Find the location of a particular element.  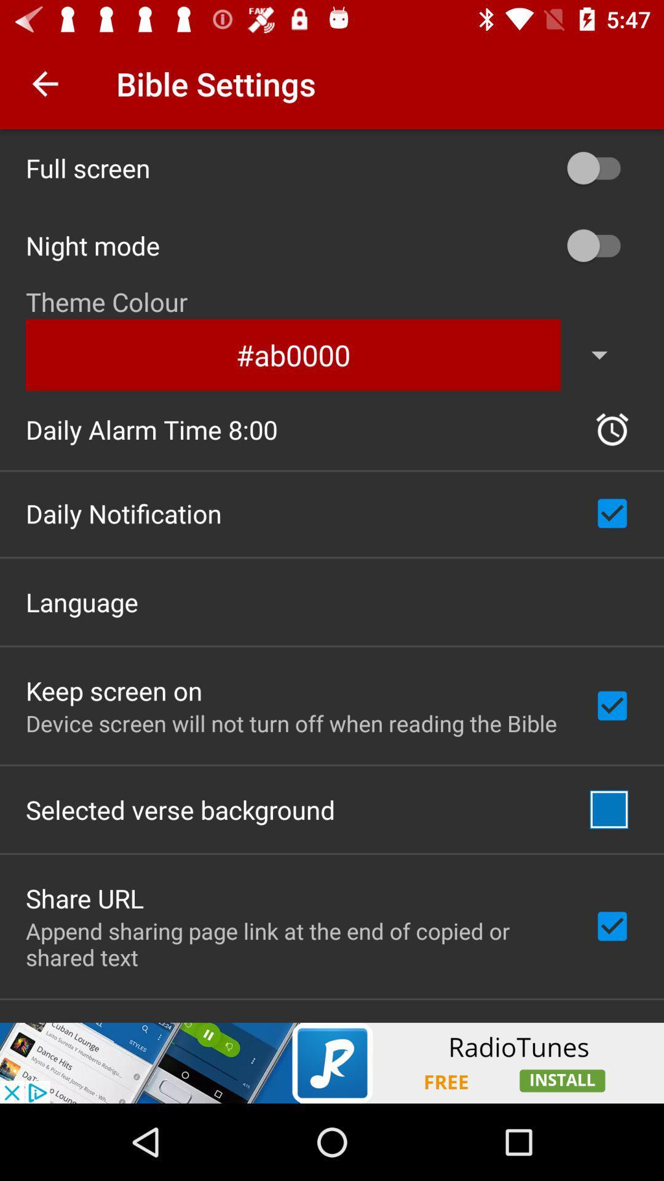

alarm settings is located at coordinates (612, 429).